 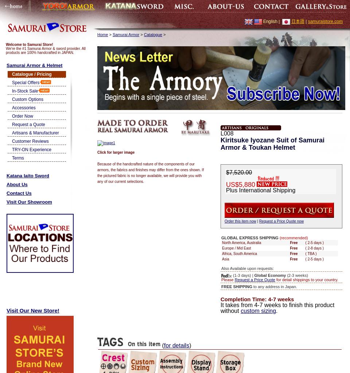 I want to click on 'to any  address in Japan.', so click(x=274, y=287).